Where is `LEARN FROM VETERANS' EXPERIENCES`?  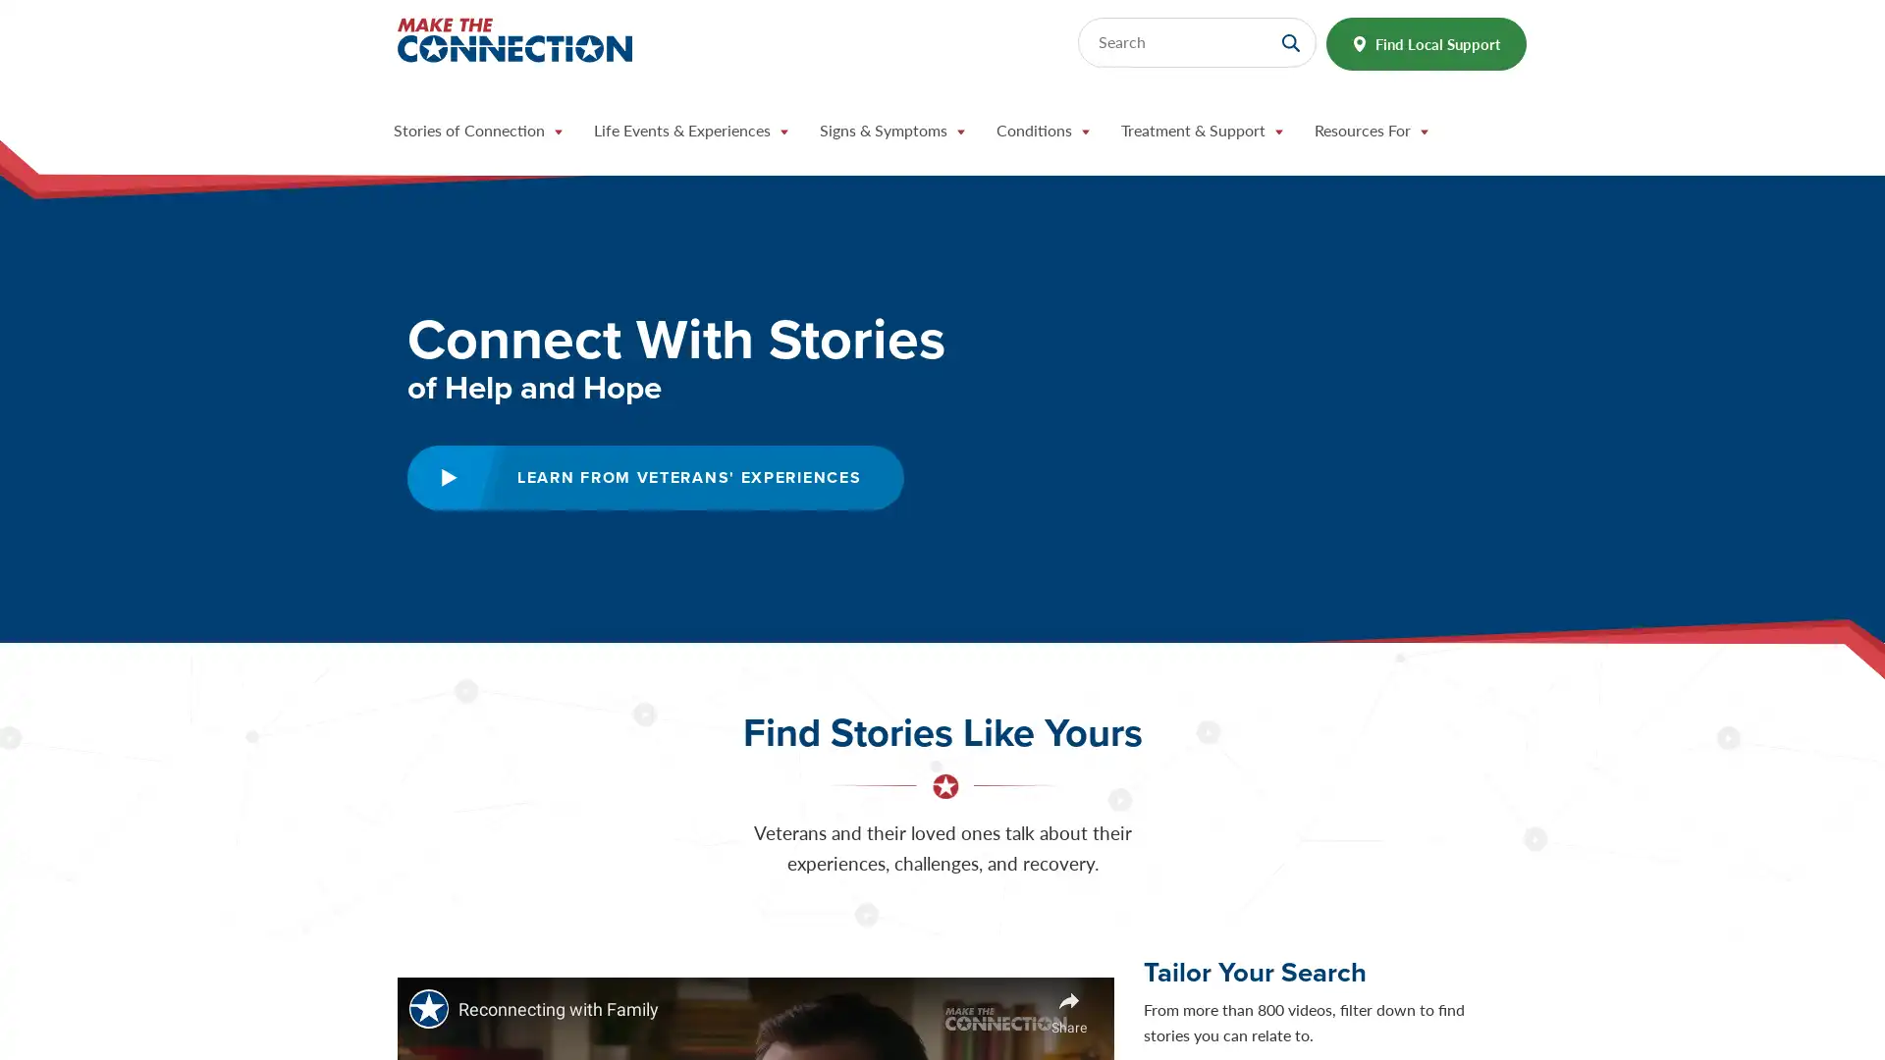 LEARN FROM VETERANS' EXPERIENCES is located at coordinates (655, 477).